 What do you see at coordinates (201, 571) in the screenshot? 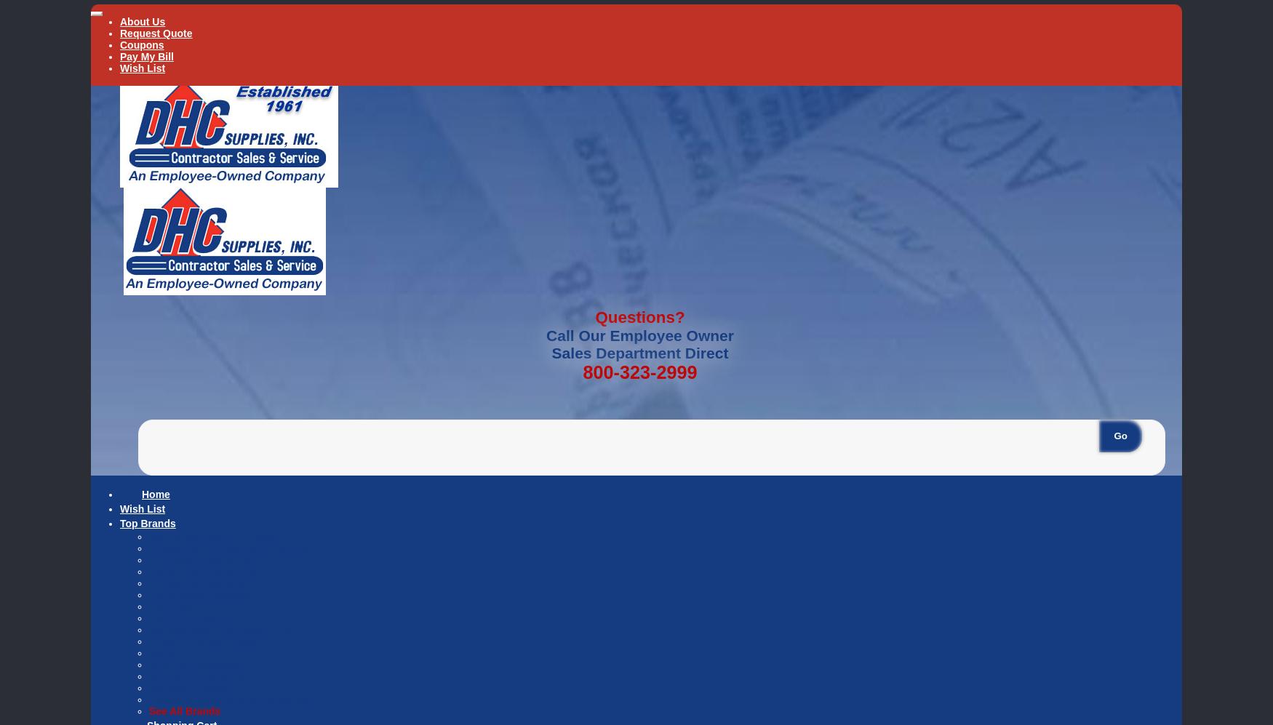
I see `'Danair Auto Hammers'` at bounding box center [201, 571].